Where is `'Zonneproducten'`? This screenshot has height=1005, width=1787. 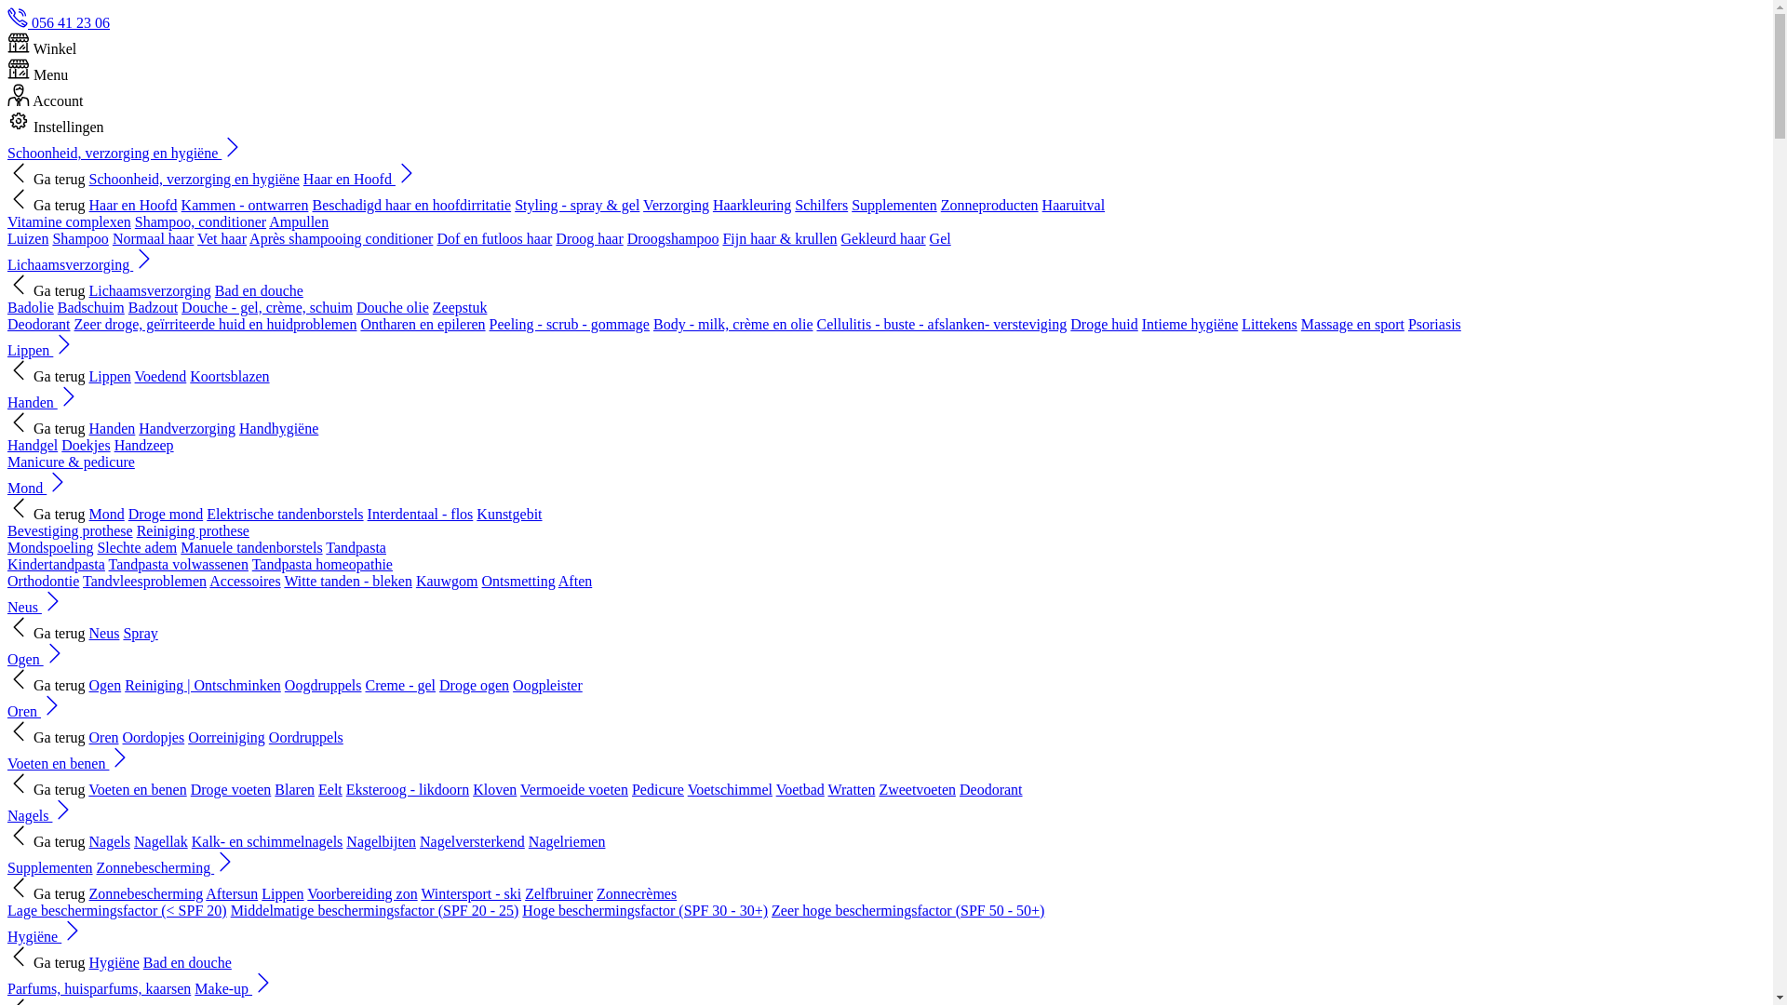
'Zonneproducten' is located at coordinates (941, 205).